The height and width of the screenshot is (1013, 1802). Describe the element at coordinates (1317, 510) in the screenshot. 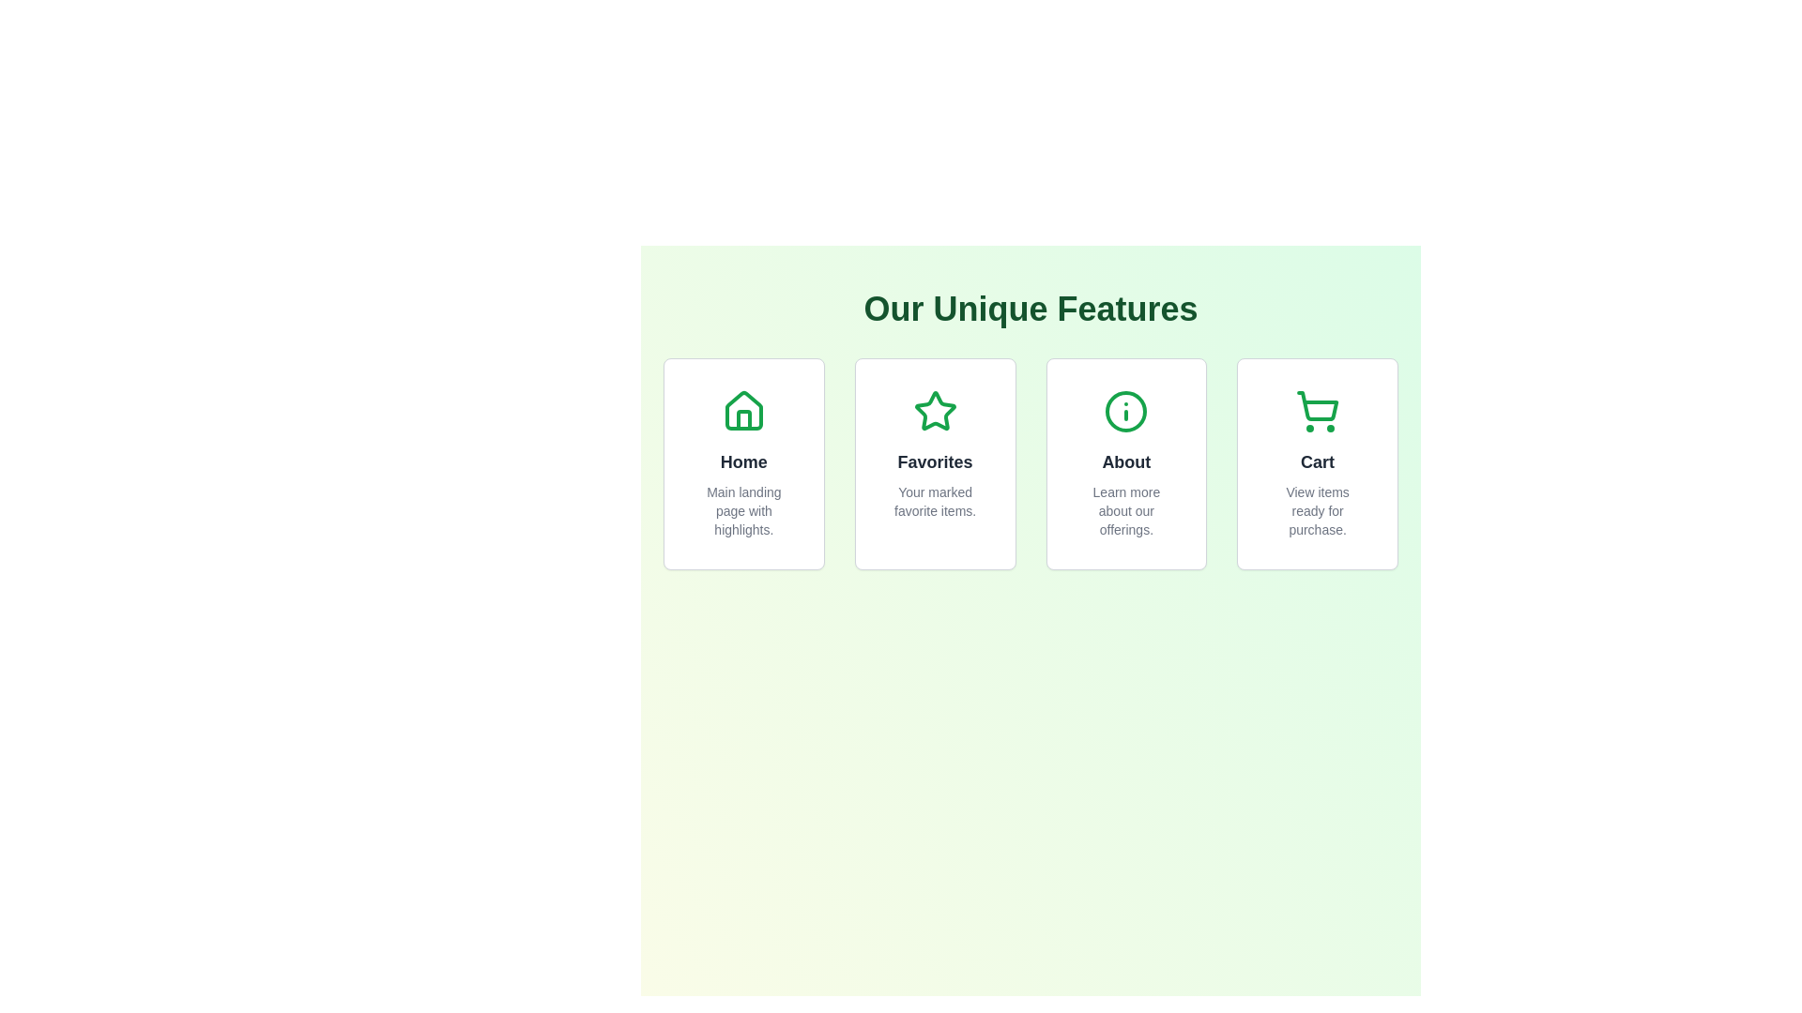

I see `the text description label that contains 'View items ready for purchase.' located beneath the 'Cart' label in a card layout` at that location.